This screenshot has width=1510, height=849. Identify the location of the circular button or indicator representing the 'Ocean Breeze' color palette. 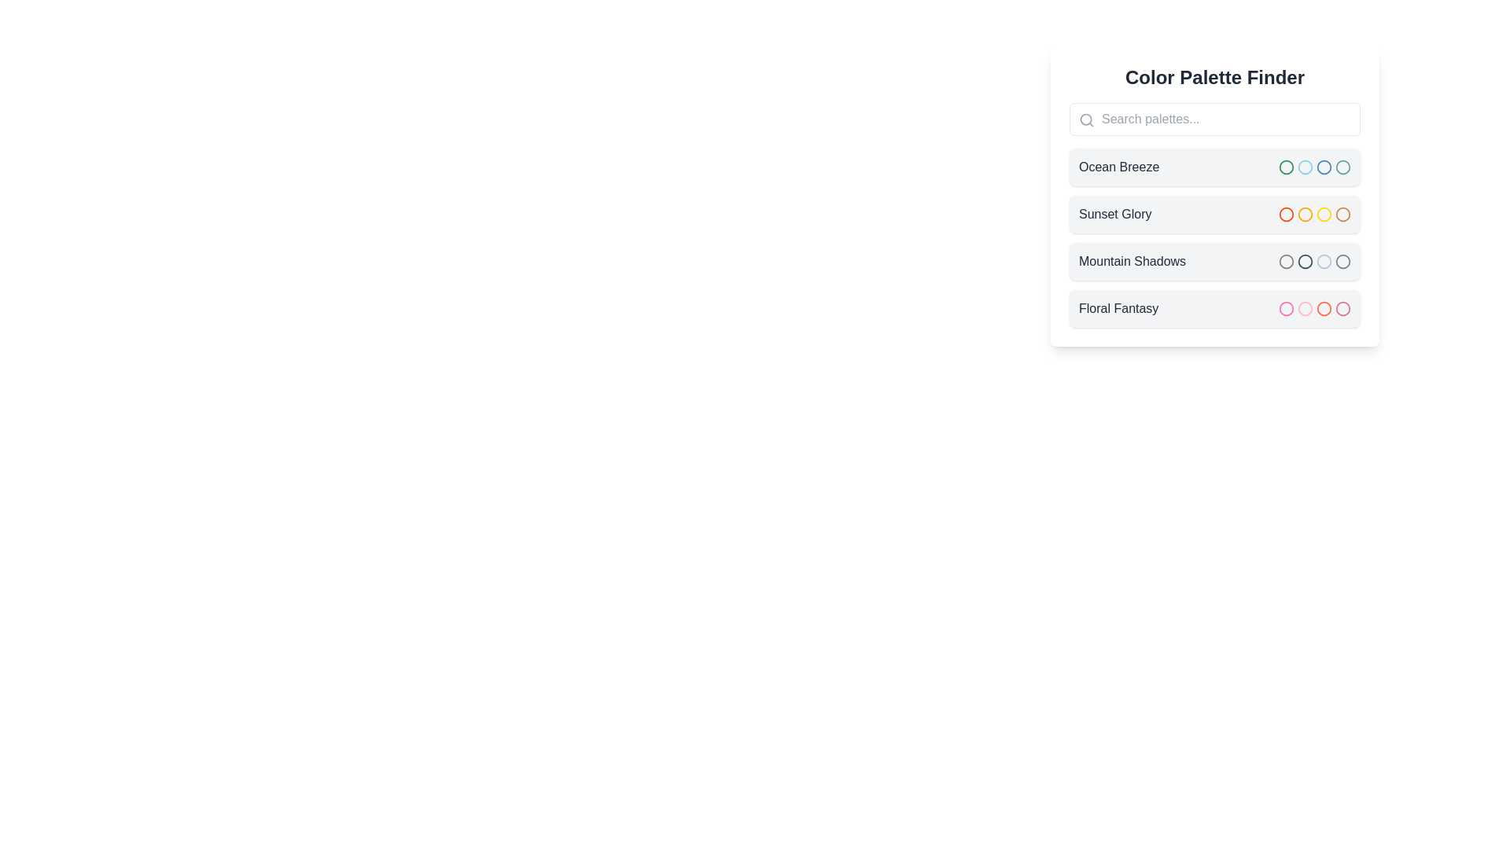
(1324, 167).